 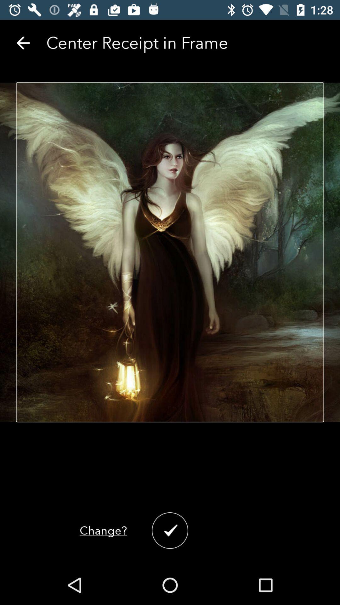 I want to click on the change?, so click(x=103, y=530).